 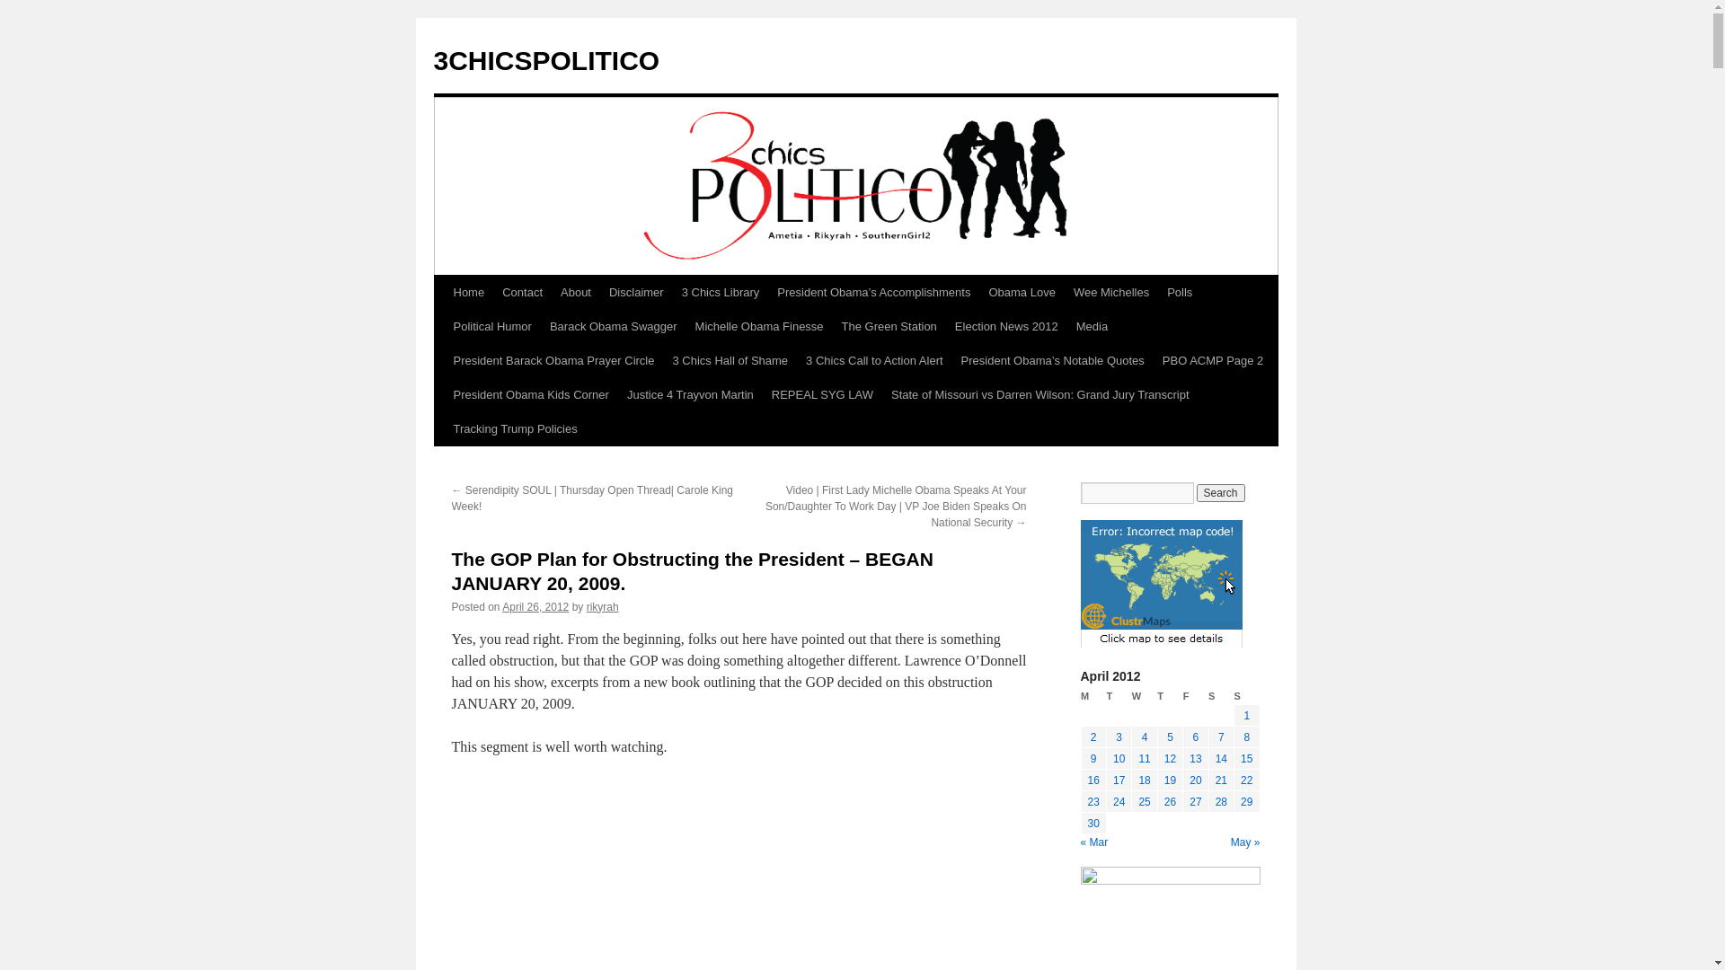 I want to click on '16', so click(x=1086, y=779).